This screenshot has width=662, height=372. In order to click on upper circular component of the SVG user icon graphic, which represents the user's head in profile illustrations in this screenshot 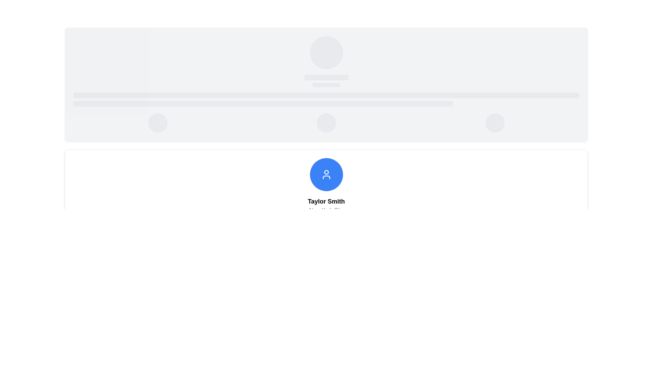, I will do `click(326, 172)`.